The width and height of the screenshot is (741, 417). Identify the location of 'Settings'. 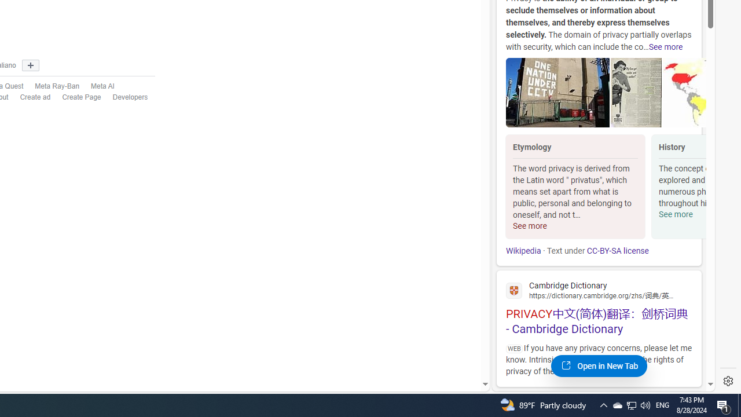
(728, 381).